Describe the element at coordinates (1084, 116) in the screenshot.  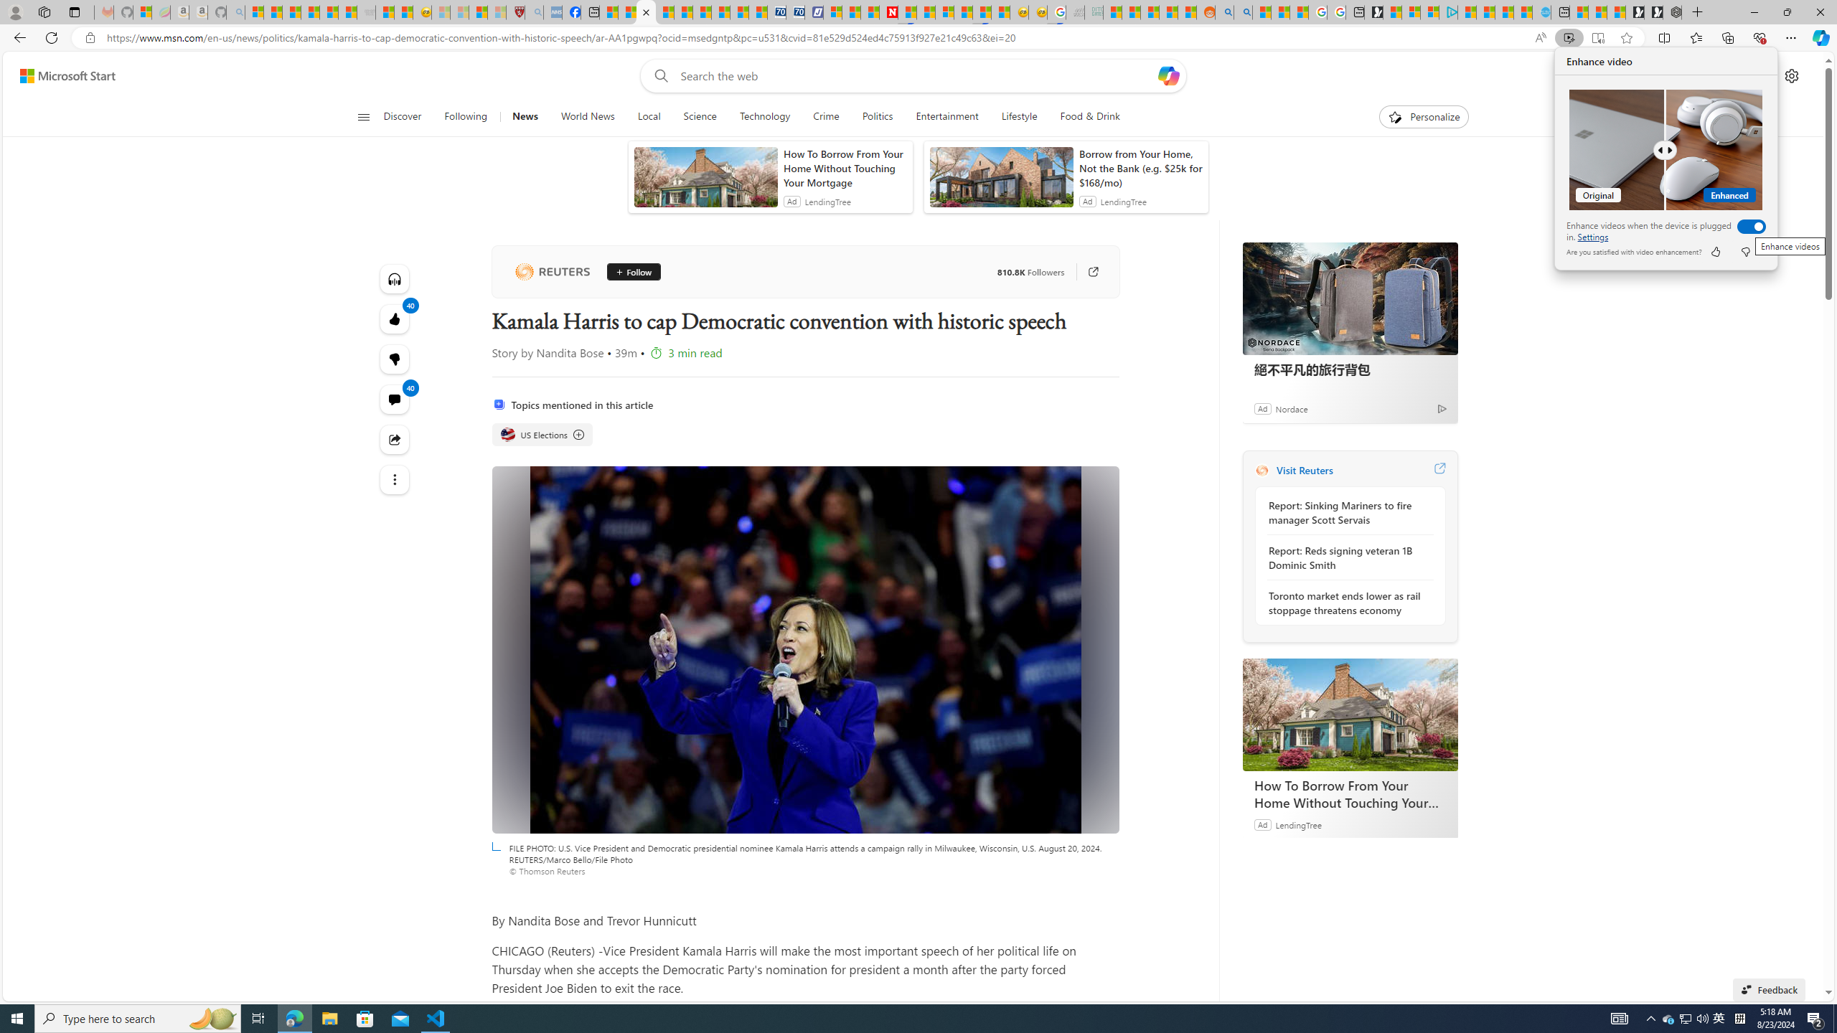
I see `'Food & Drink'` at that location.